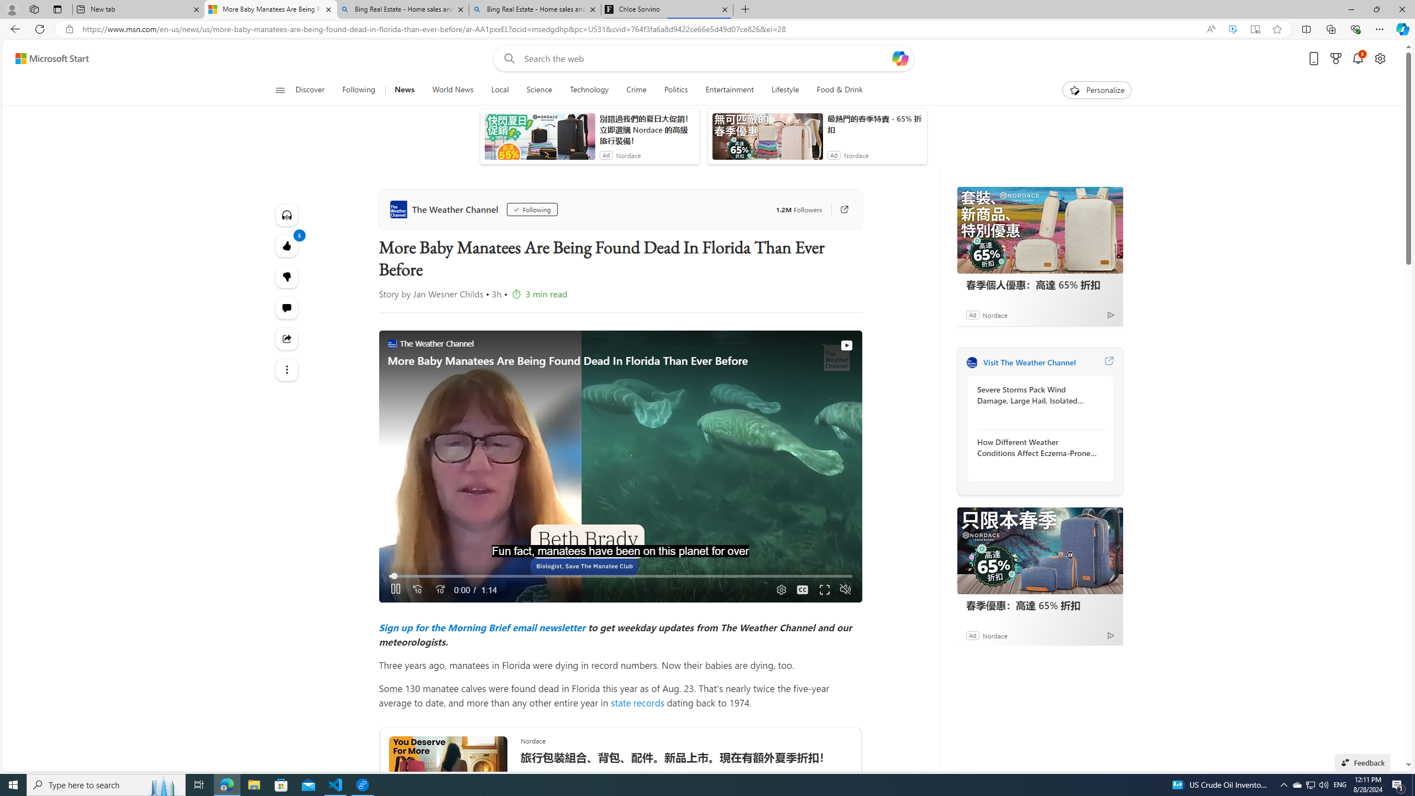 The height and width of the screenshot is (796, 1415). What do you see at coordinates (358, 90) in the screenshot?
I see `'Following'` at bounding box center [358, 90].